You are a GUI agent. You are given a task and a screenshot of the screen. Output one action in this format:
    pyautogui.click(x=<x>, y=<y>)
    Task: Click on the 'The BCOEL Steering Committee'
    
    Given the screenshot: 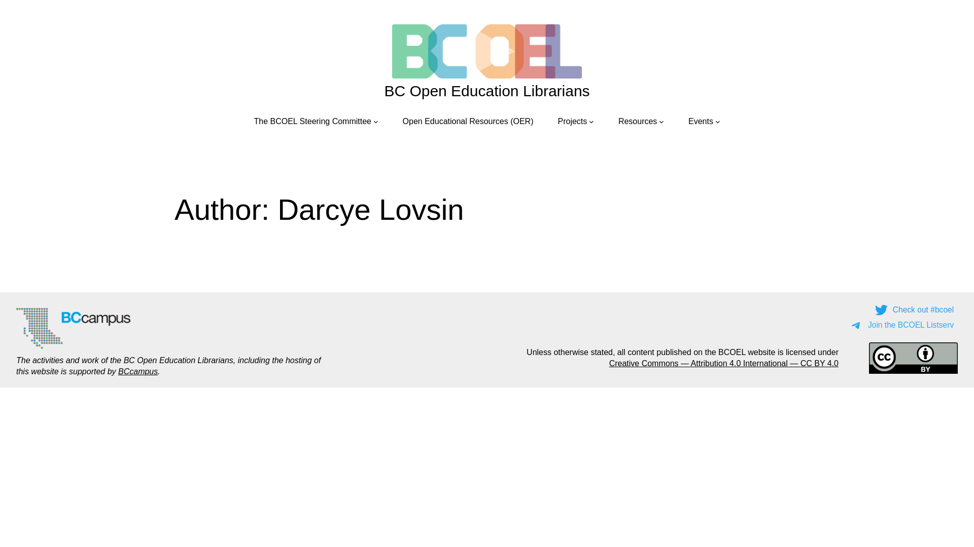 What is the action you would take?
    pyautogui.click(x=311, y=121)
    